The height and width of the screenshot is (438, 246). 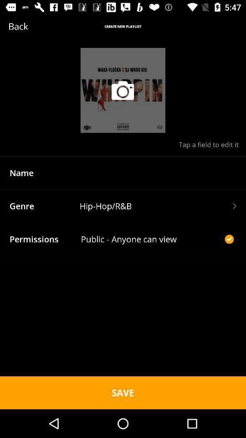 I want to click on back, so click(x=31, y=26).